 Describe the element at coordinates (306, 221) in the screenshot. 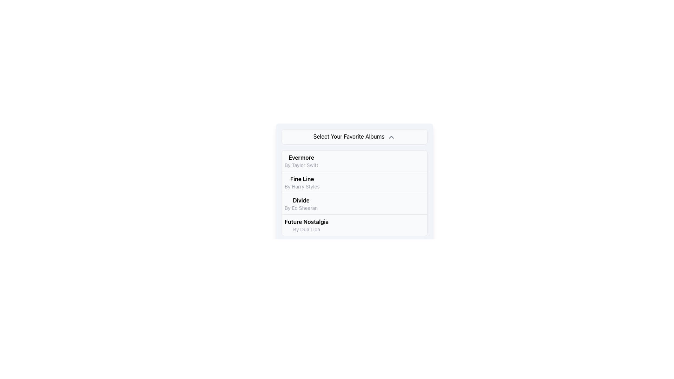

I see `the title text for the fourth album in the 'Select Your Favorite Albums' list, which is positioned above the text 'By Dua Lipa'` at that location.